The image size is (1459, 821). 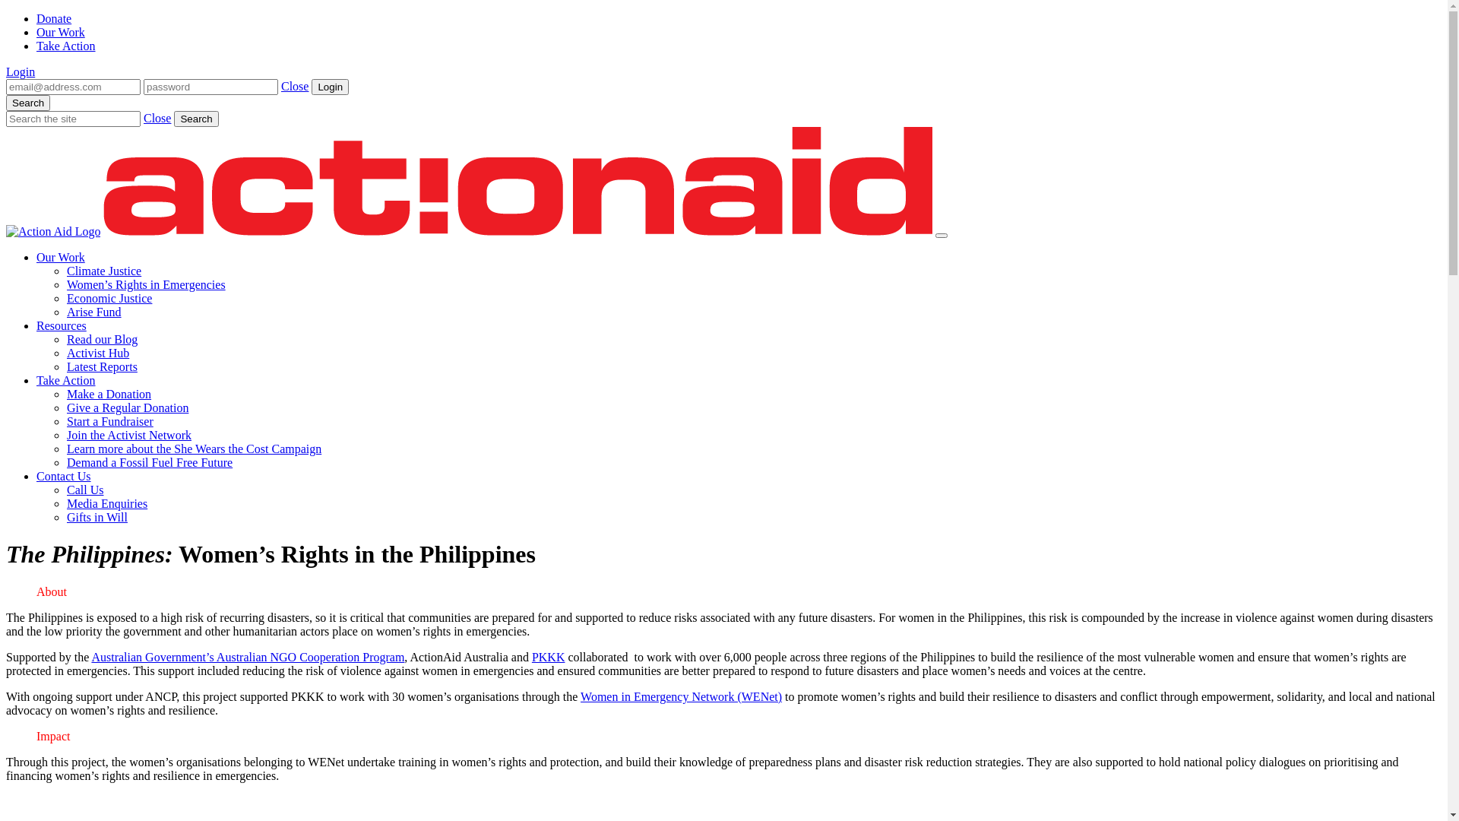 What do you see at coordinates (157, 117) in the screenshot?
I see `'Close'` at bounding box center [157, 117].